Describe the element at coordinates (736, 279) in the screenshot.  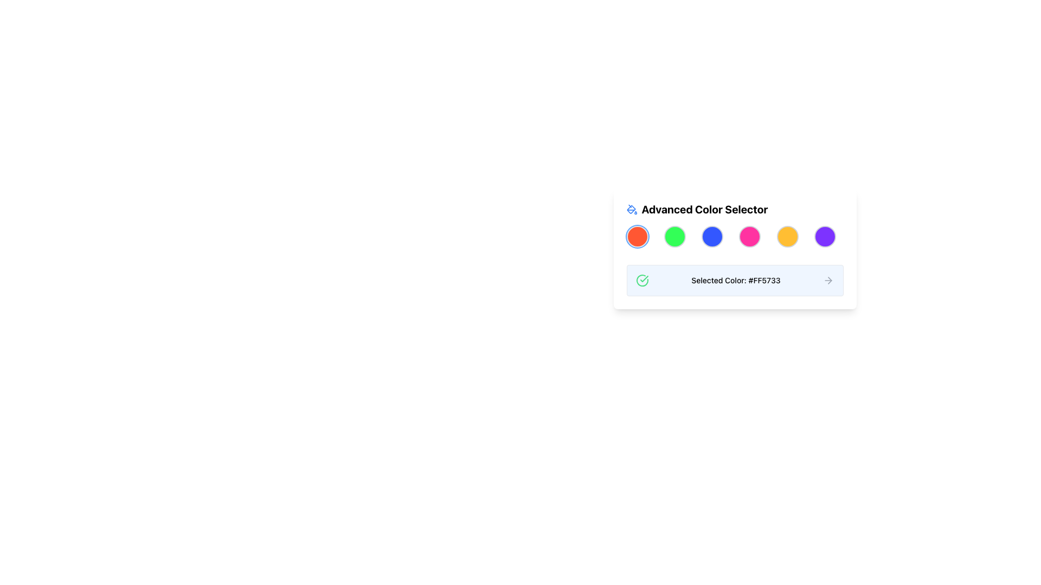
I see `displayed color information from the Text Label that shows 'Selected Color: #FF5733', located in the notification card with a light blue background` at that location.